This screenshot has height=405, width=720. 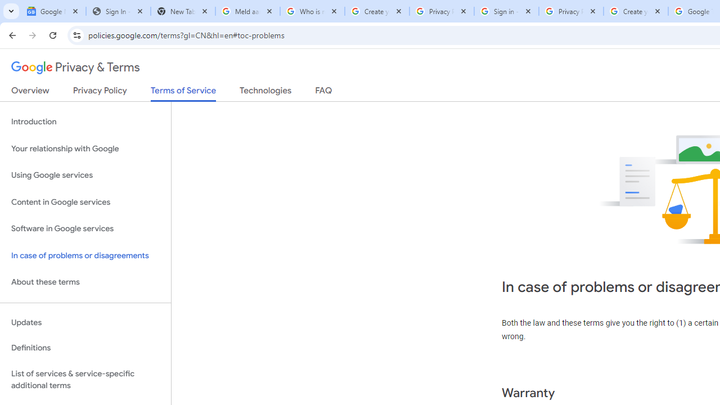 What do you see at coordinates (85, 175) in the screenshot?
I see `'Using Google services'` at bounding box center [85, 175].